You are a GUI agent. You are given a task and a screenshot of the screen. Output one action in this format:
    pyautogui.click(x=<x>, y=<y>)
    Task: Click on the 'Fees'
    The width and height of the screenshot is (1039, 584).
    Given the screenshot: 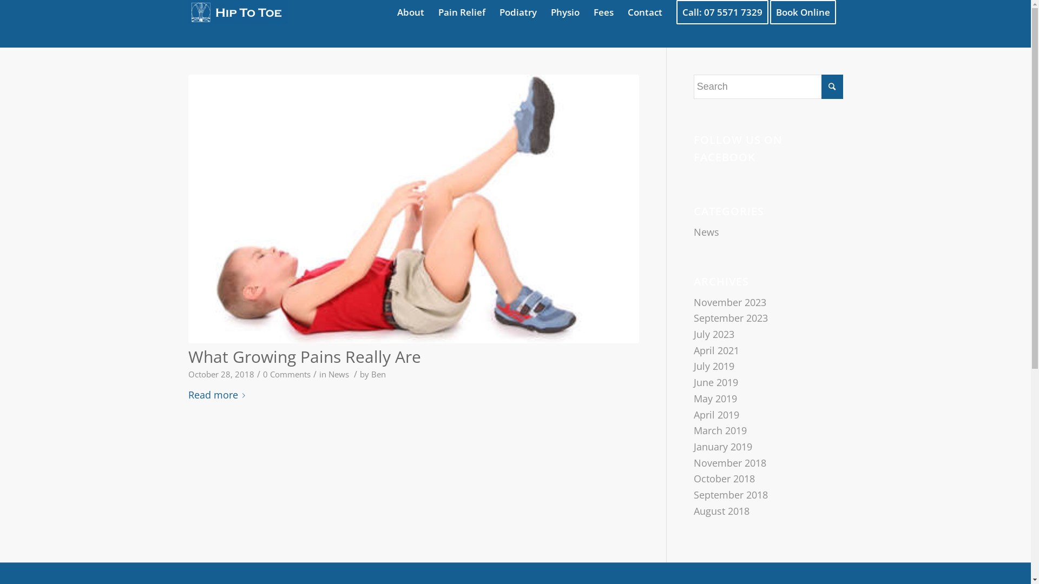 What is the action you would take?
    pyautogui.click(x=603, y=12)
    